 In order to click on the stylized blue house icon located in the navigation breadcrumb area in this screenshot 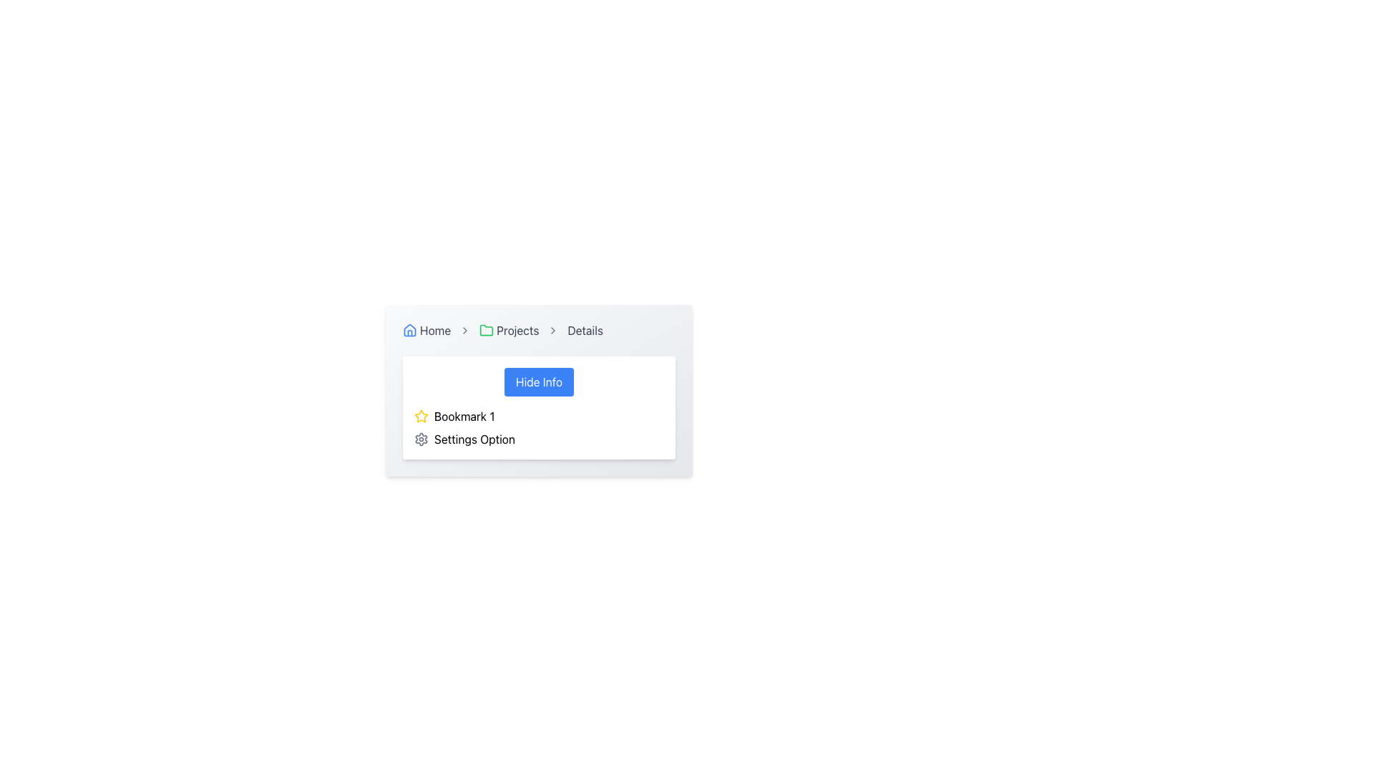, I will do `click(409, 330)`.